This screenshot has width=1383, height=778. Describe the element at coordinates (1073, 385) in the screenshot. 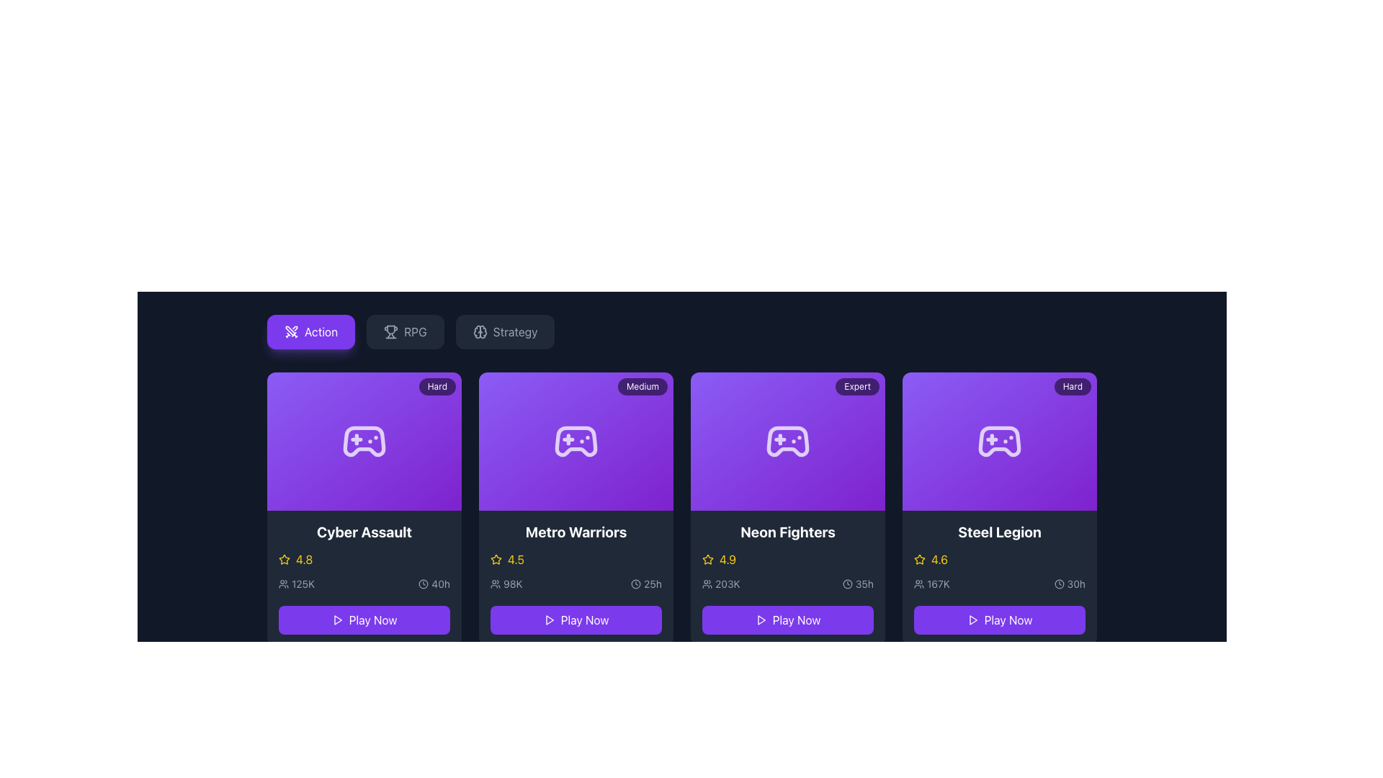

I see `the small rectangular badge labeled 'Hard' located at the top right corner of the 'Steel Legion' card` at that location.